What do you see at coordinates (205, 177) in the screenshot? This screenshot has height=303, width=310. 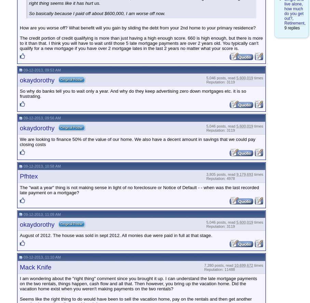 I see `'Reputation: 4978'` at bounding box center [205, 177].